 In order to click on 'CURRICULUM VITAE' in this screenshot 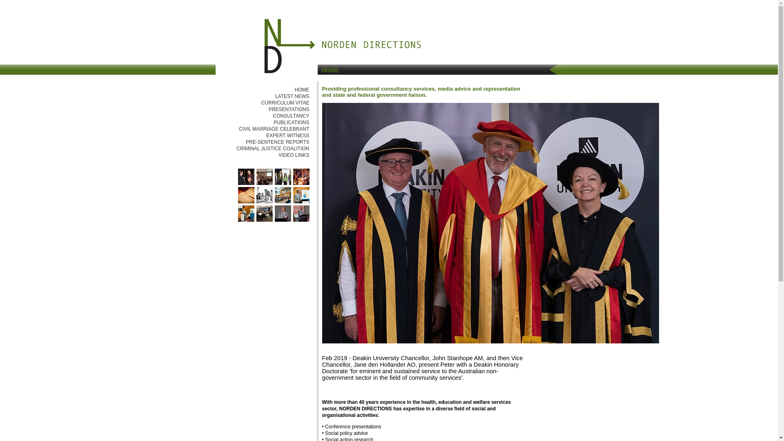, I will do `click(261, 102)`.